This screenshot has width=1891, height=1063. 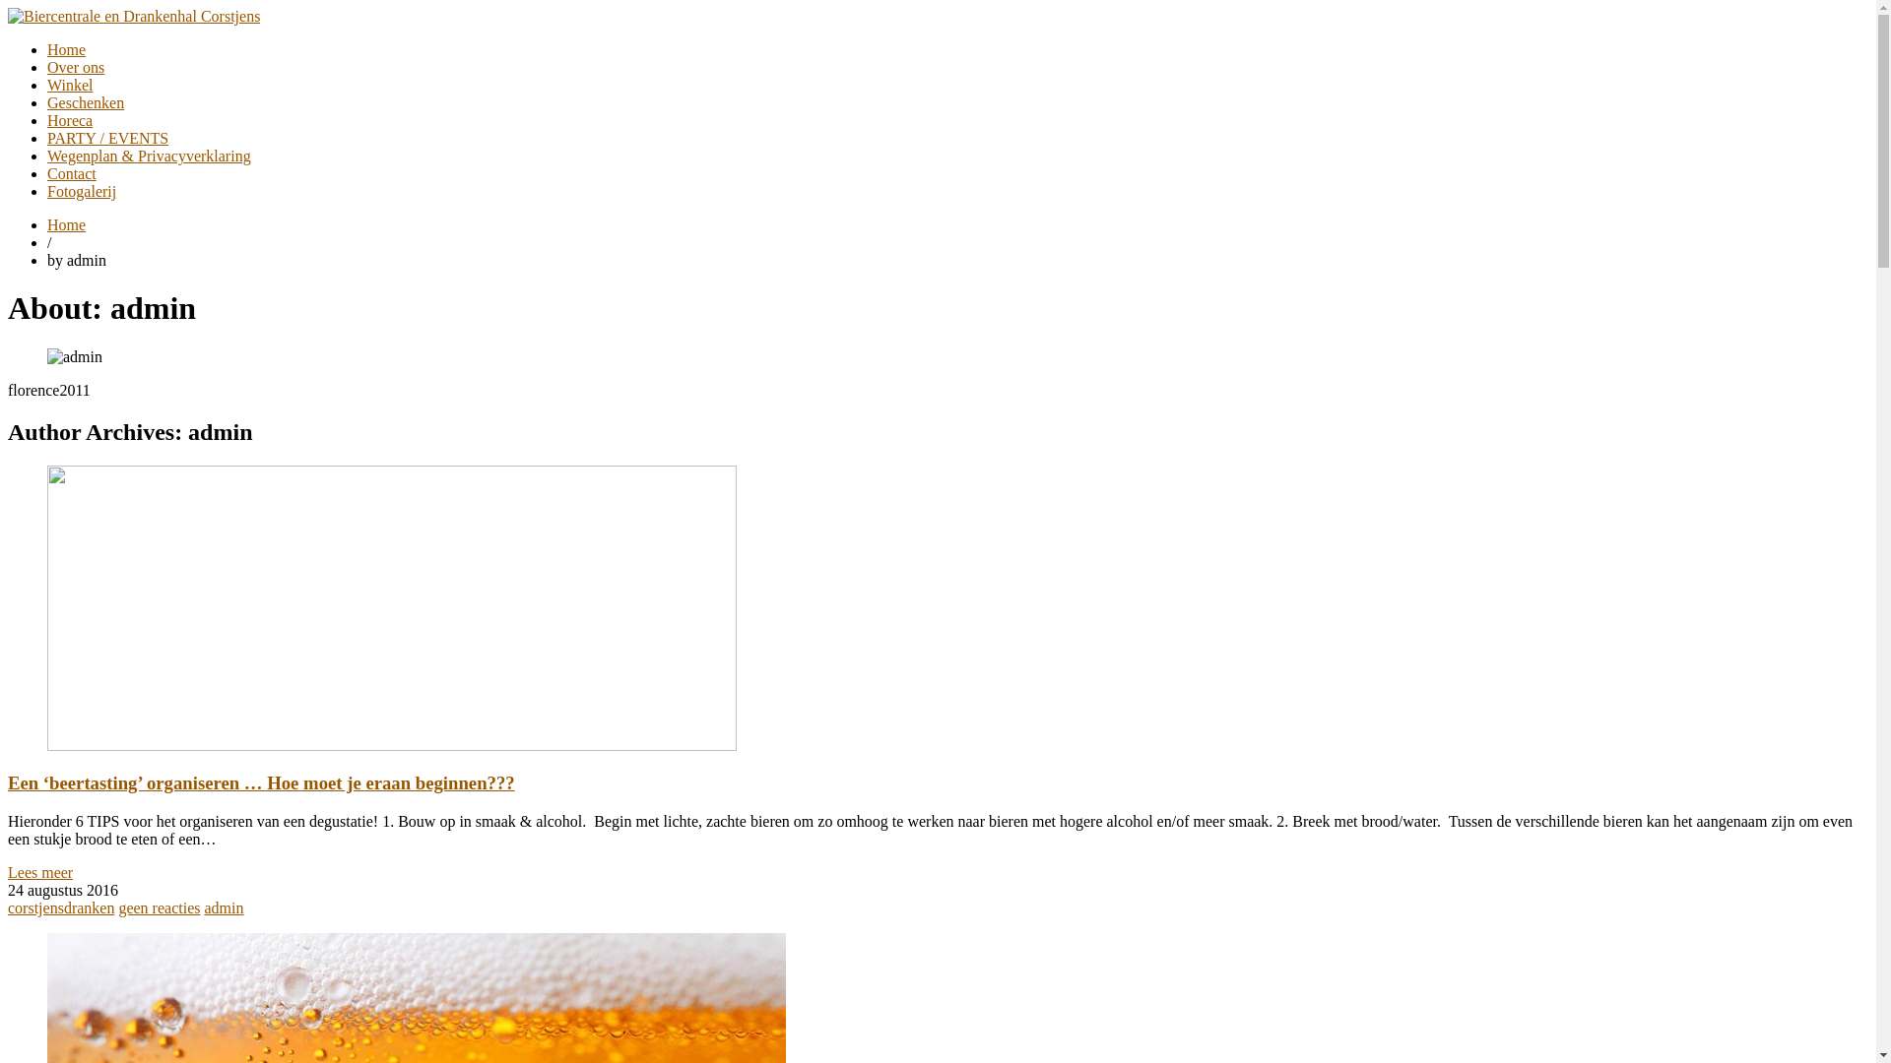 What do you see at coordinates (70, 120) in the screenshot?
I see `'Horeca'` at bounding box center [70, 120].